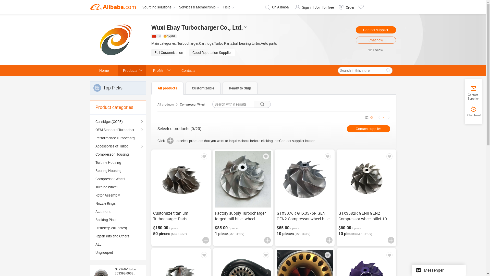 Image resolution: width=490 pixels, height=276 pixels. Describe the element at coordinates (118, 203) in the screenshot. I see `'Nozzle Rings'` at that location.